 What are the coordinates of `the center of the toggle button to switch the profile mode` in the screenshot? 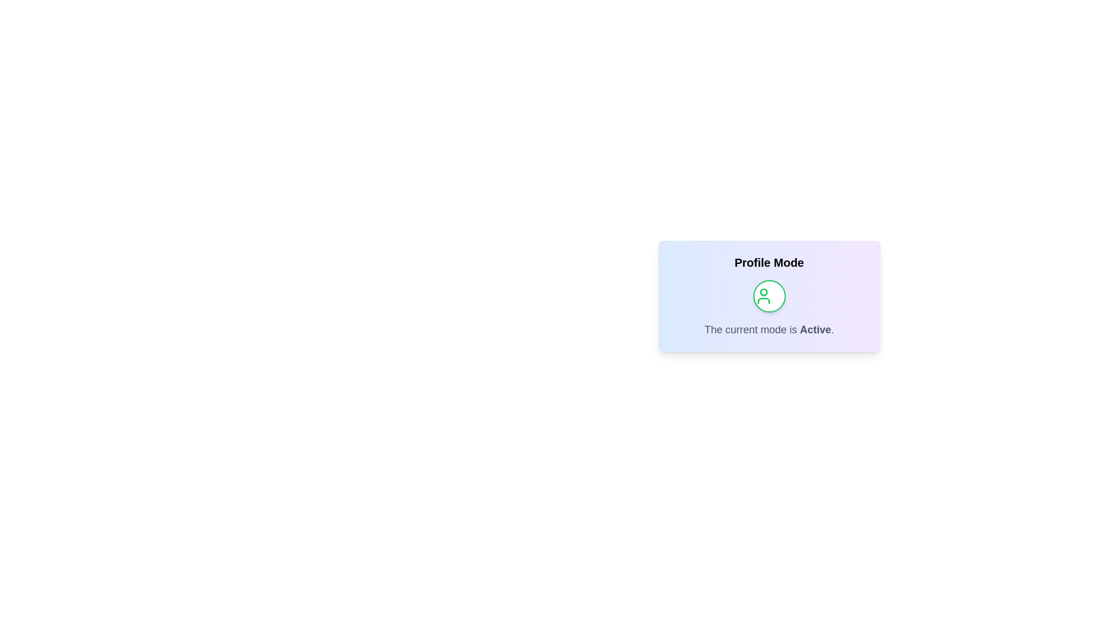 It's located at (769, 296).